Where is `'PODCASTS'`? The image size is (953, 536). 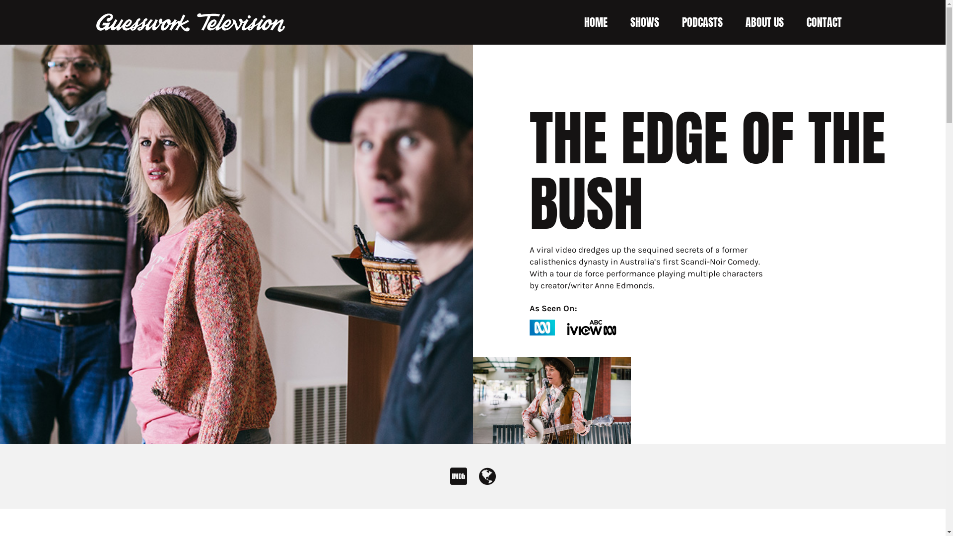
'PODCASTS' is located at coordinates (702, 22).